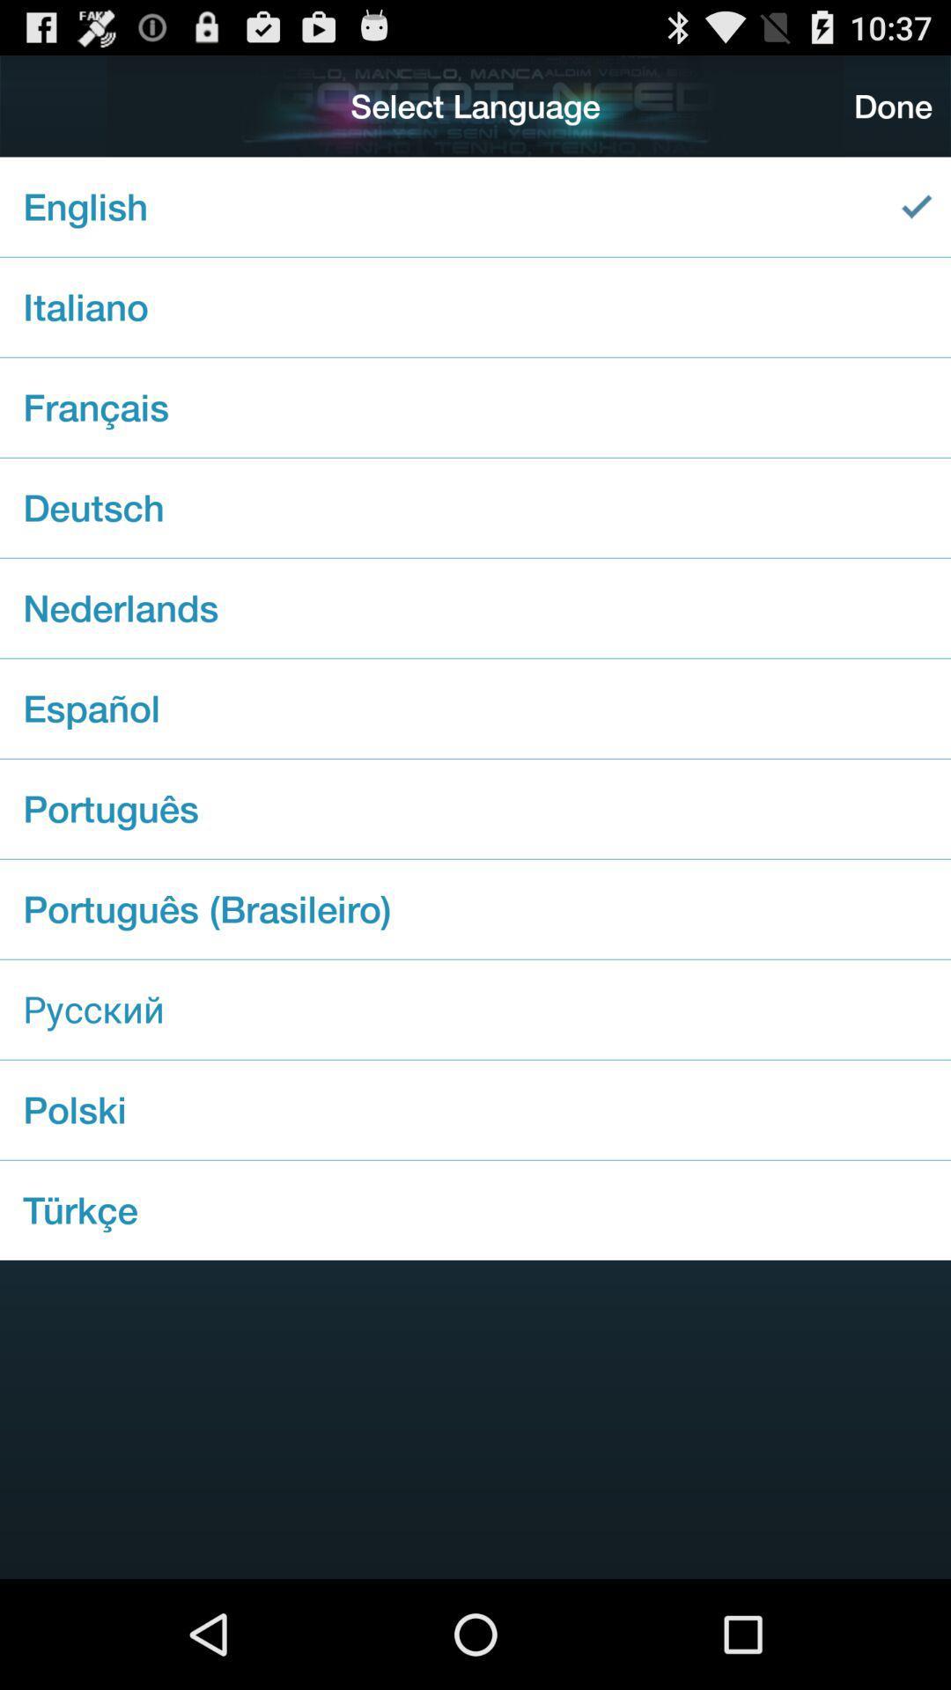 This screenshot has height=1690, width=951. Describe the element at coordinates (475, 507) in the screenshot. I see `the deutsch` at that location.